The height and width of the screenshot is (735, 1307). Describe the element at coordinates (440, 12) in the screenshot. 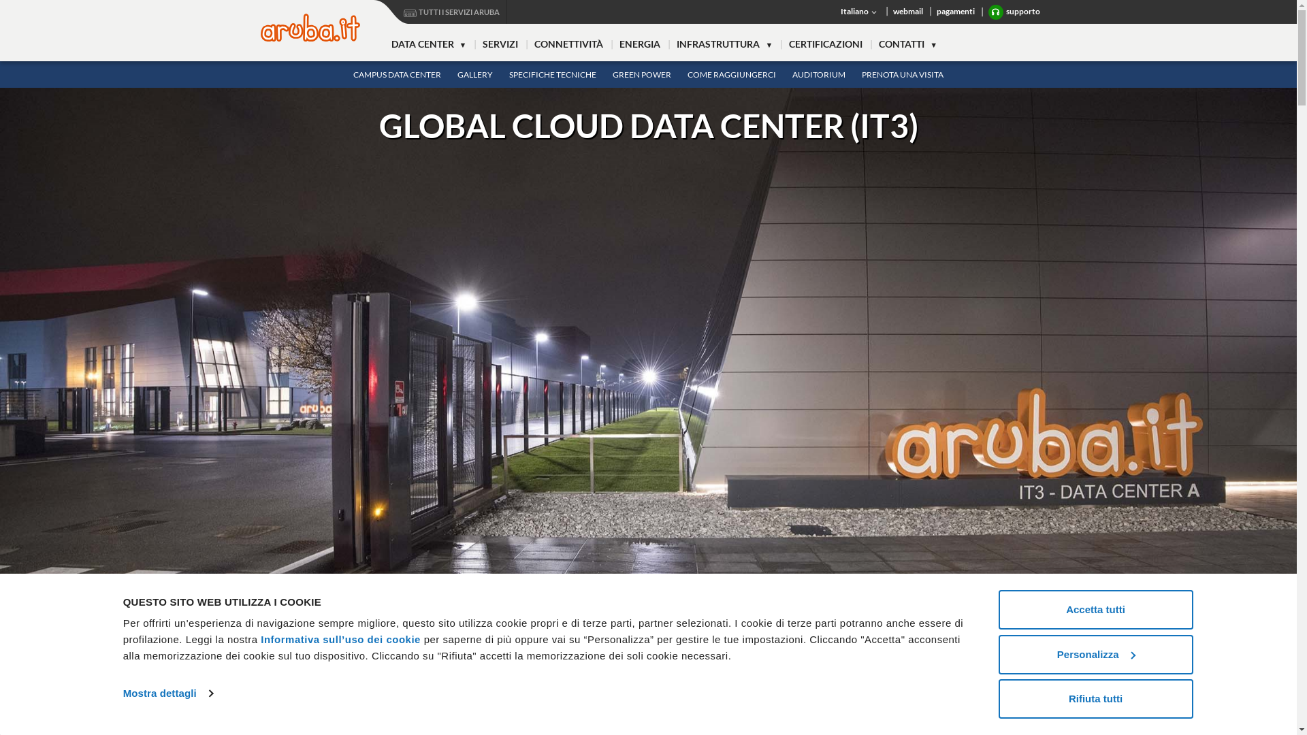

I see `'TUTTI I SERVIZI ARUBA'` at that location.